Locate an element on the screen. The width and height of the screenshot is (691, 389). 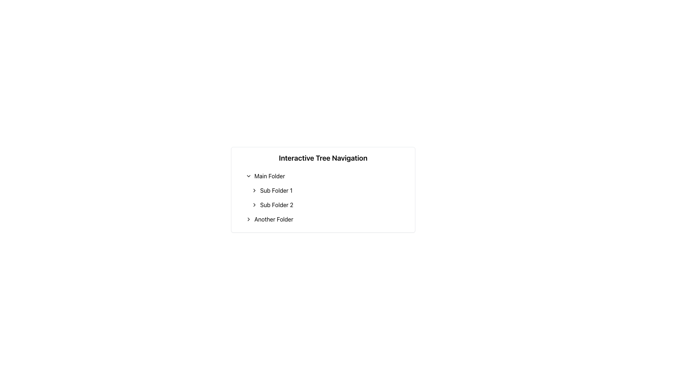
the text label of the second item in the tree navigation menu, which is directly nested under 'Main Folder' is located at coordinates (276, 190).